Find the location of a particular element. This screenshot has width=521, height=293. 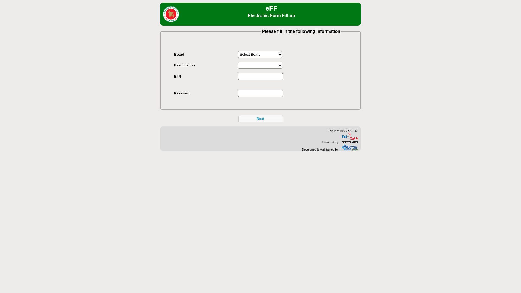

'Next' is located at coordinates (260, 118).